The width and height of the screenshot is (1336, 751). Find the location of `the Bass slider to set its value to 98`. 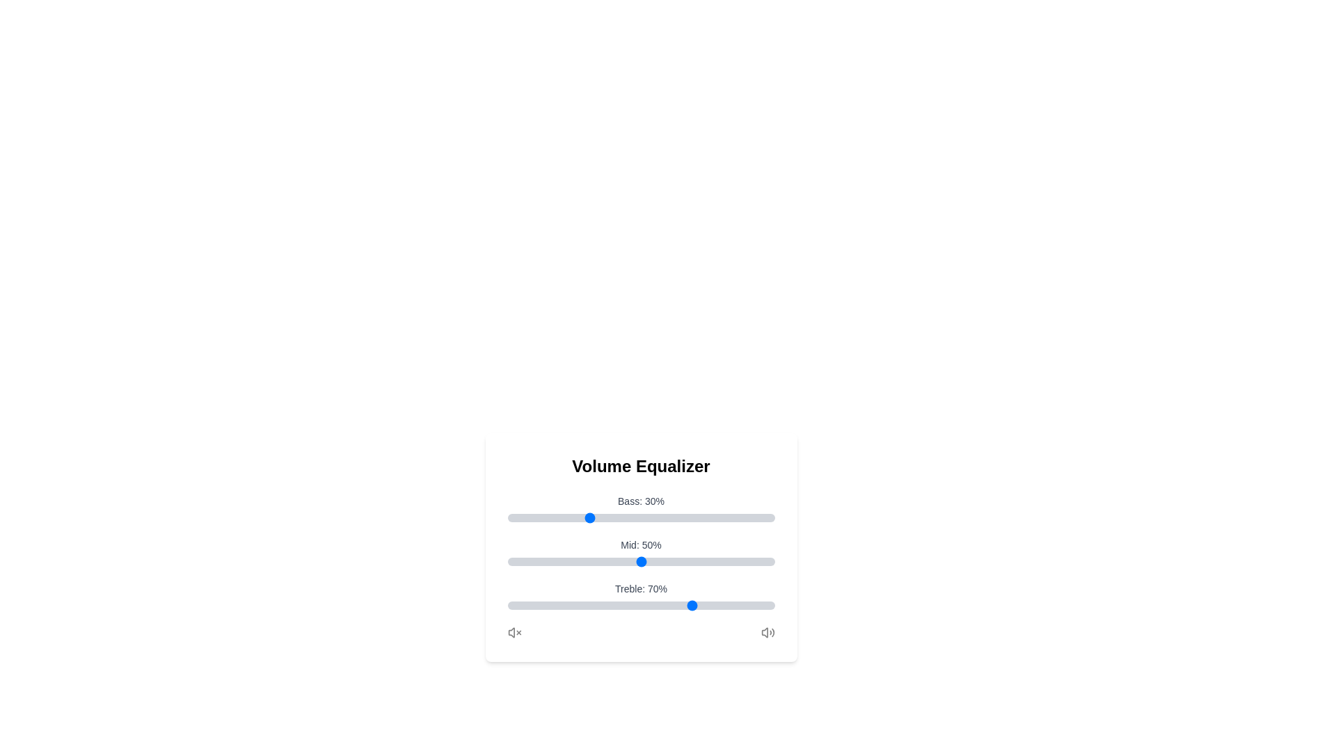

the Bass slider to set its value to 98 is located at coordinates (768, 517).